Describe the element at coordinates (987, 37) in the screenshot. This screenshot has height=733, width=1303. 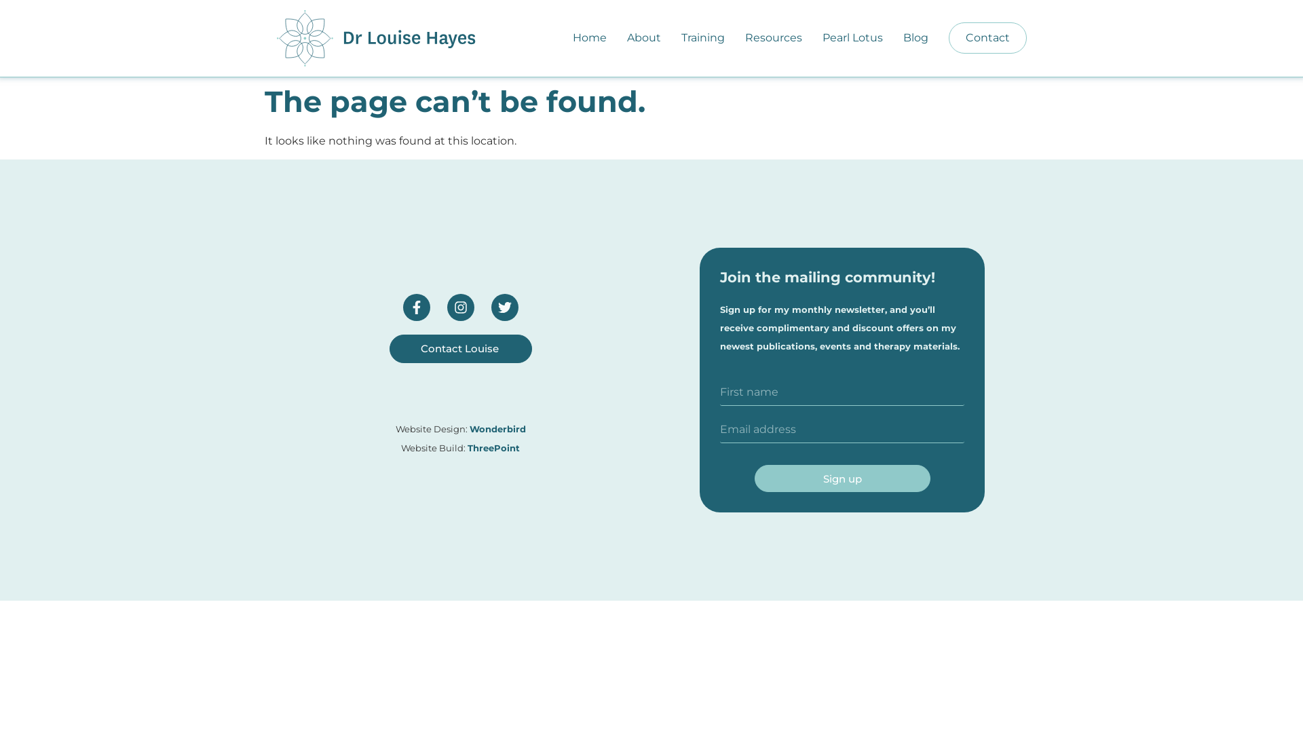
I see `'Contact'` at that location.